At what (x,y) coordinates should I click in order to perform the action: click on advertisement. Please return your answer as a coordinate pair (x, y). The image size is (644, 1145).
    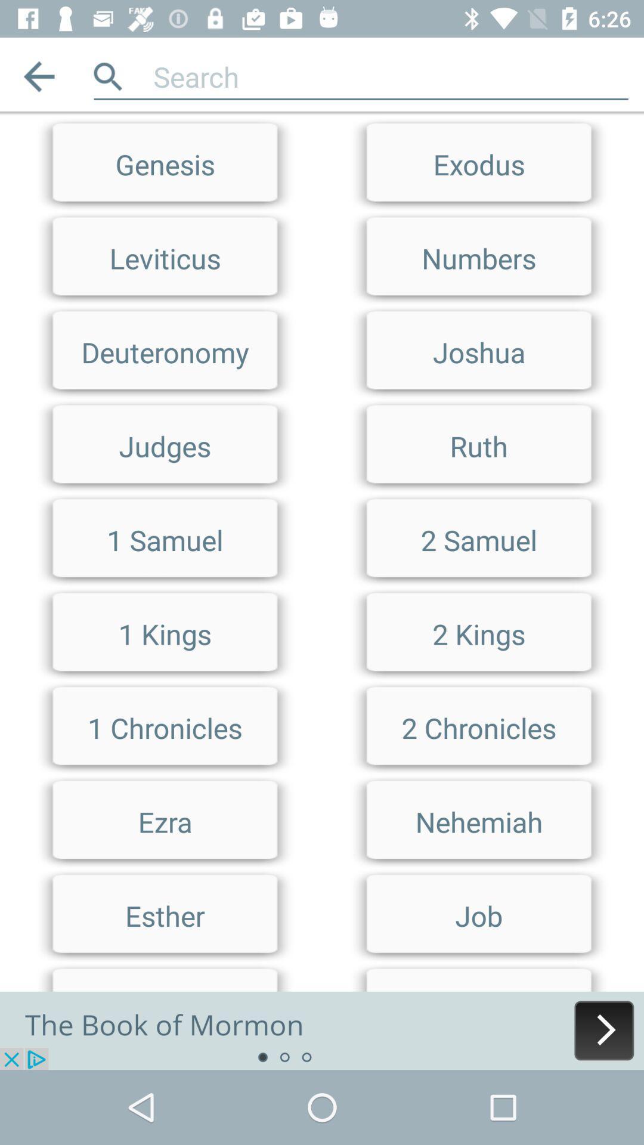
    Looking at the image, I should click on (322, 1030).